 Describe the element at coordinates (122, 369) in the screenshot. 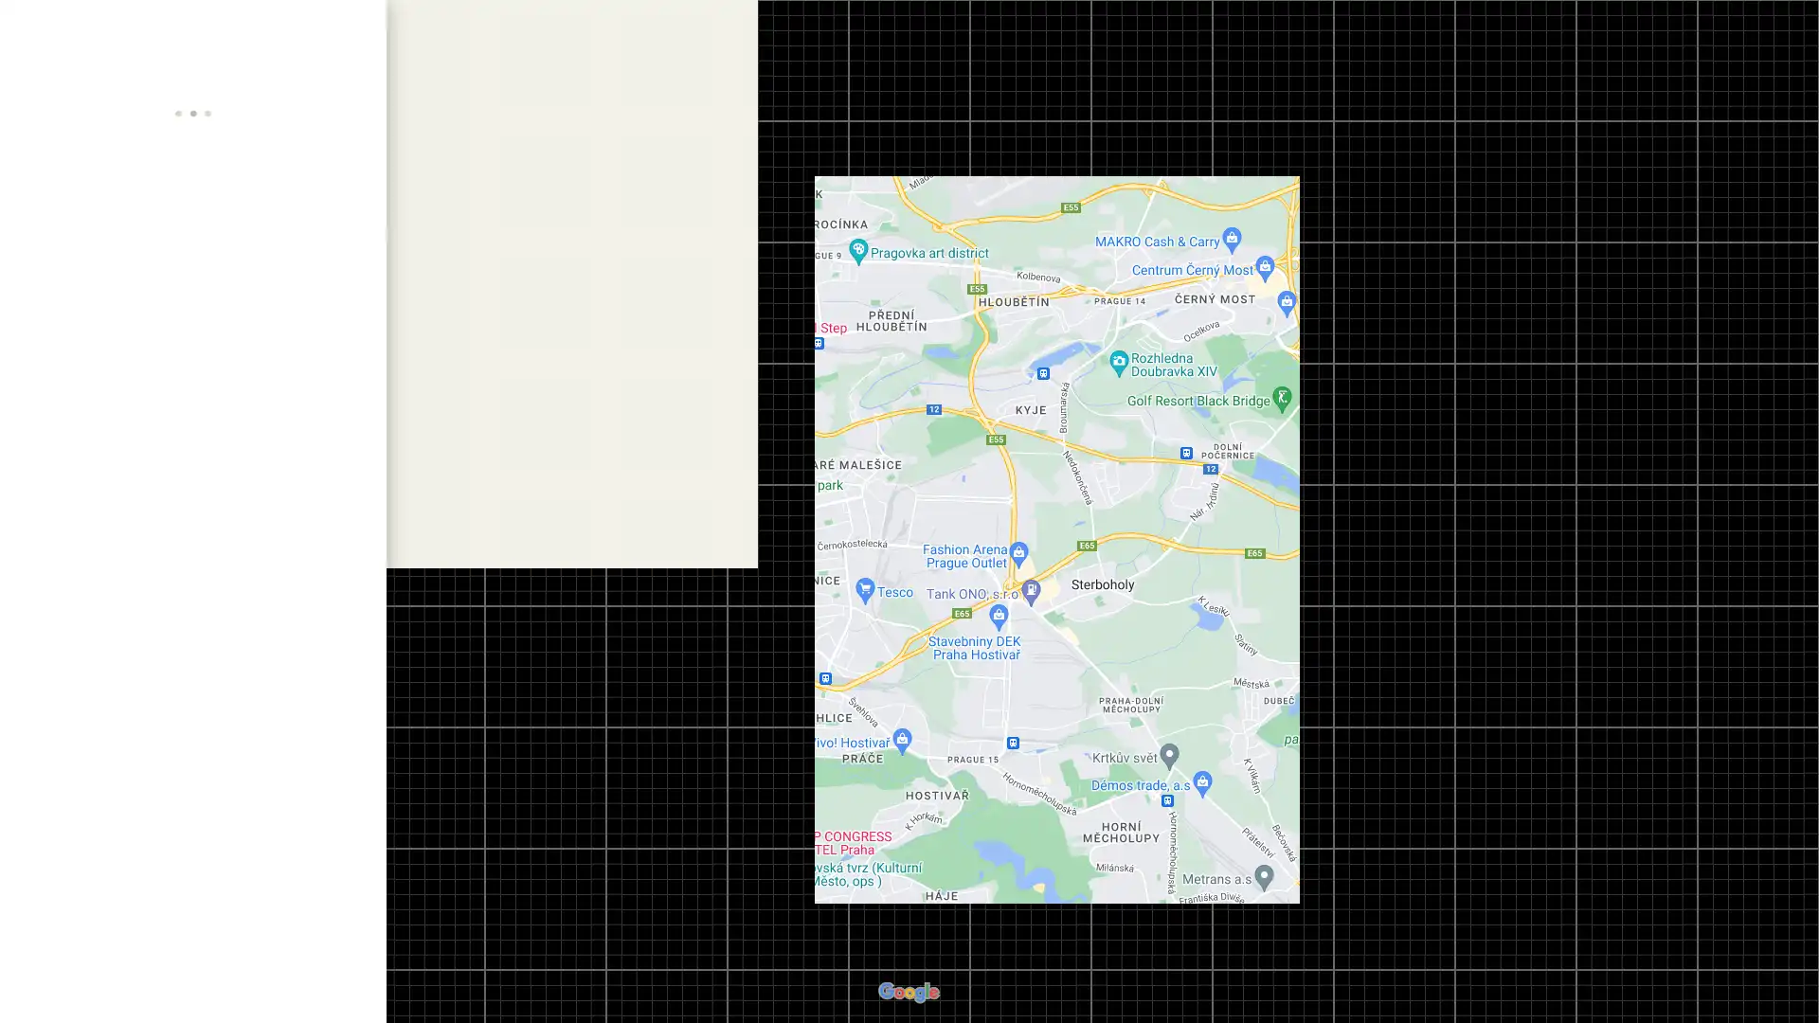

I see `Save TOVARNA.CZ, s.r.o. in your lists` at that location.